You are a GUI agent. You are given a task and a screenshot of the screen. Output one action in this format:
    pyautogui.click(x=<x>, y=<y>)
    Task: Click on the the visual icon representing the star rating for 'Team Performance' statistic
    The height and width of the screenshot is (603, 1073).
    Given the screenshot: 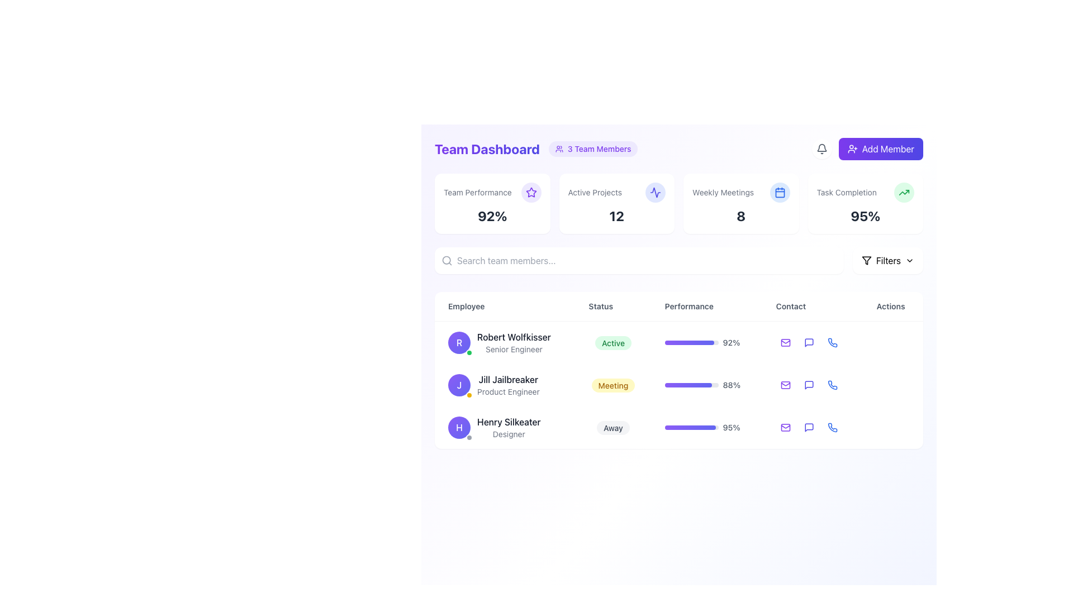 What is the action you would take?
    pyautogui.click(x=530, y=192)
    